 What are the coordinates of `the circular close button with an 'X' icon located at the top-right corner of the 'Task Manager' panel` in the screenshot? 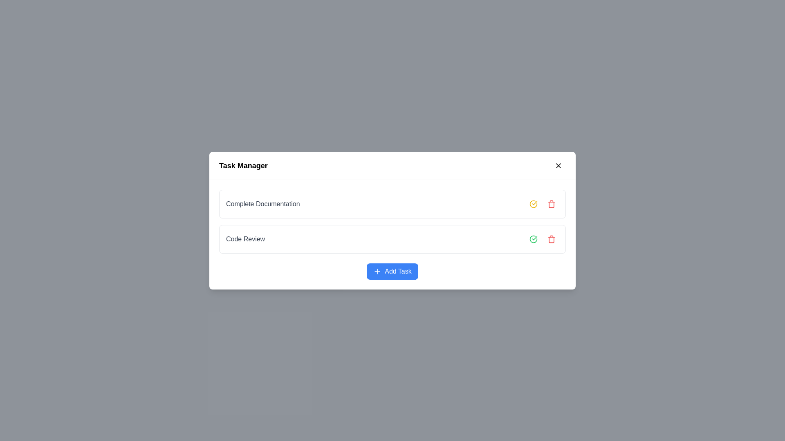 It's located at (558, 165).